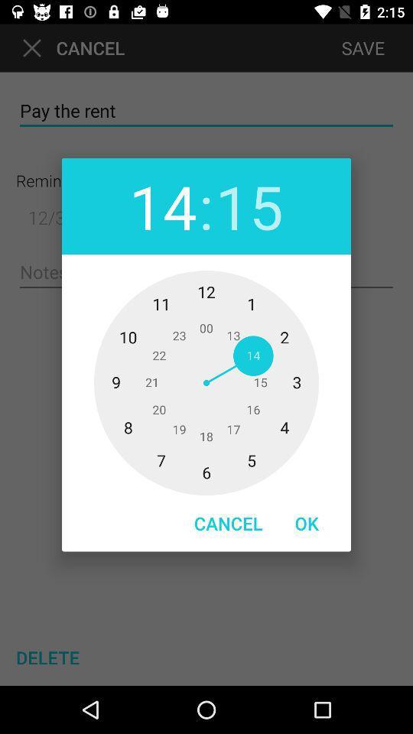 The width and height of the screenshot is (413, 734). Describe the element at coordinates (162, 205) in the screenshot. I see `icon to the left of the :` at that location.